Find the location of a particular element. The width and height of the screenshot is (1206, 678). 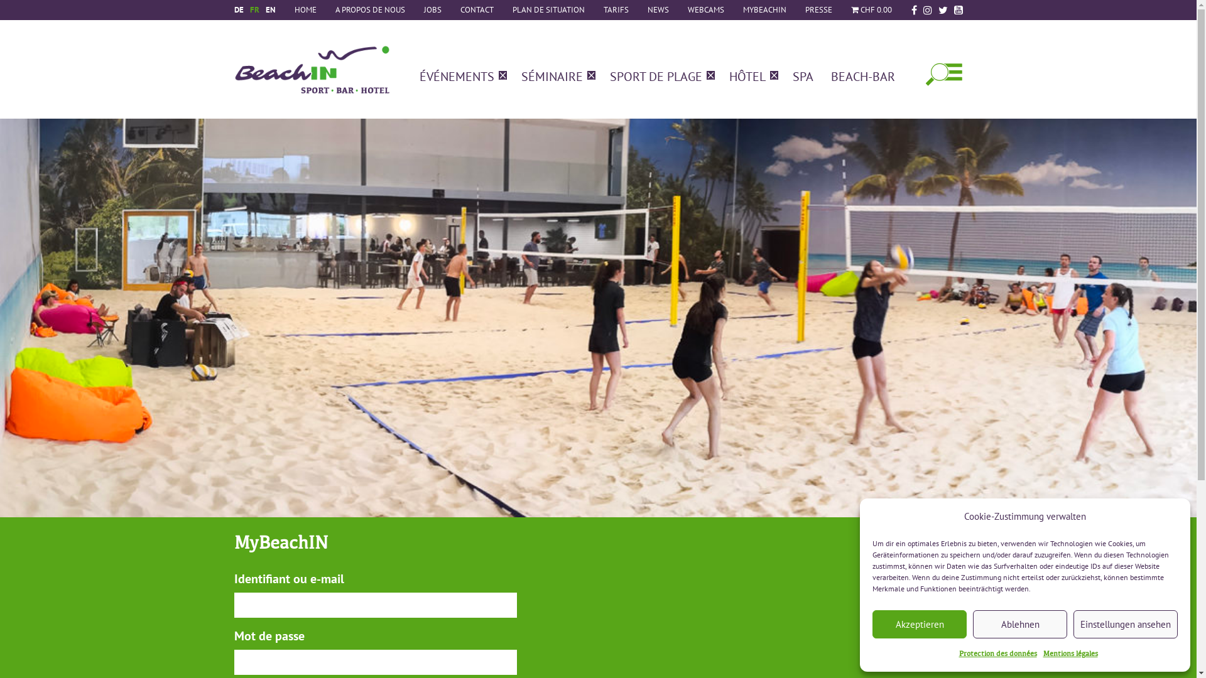

'A PROPOS DE NOUS' is located at coordinates (369, 9).